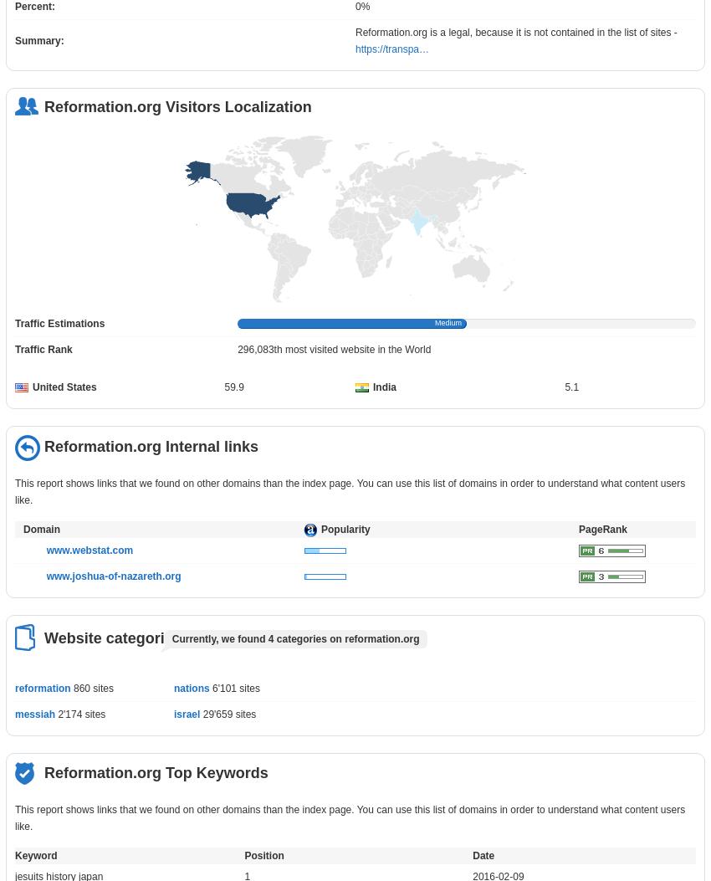 The image size is (711, 881). I want to click on 'most visited website in the World', so click(355, 350).